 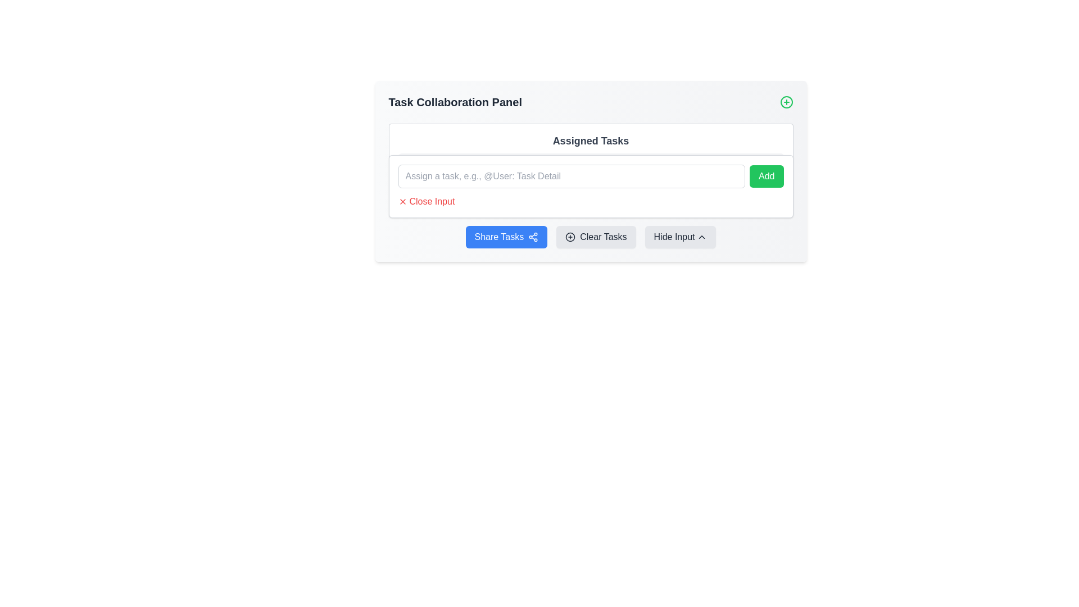 What do you see at coordinates (770, 191) in the screenshot?
I see `the Icon button located at the rightmost position of the task card with the text '@Emily: Update Spreadsheet'` at bounding box center [770, 191].